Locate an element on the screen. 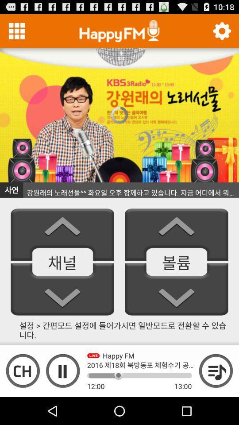 The image size is (239, 425). the settings icon is located at coordinates (221, 33).